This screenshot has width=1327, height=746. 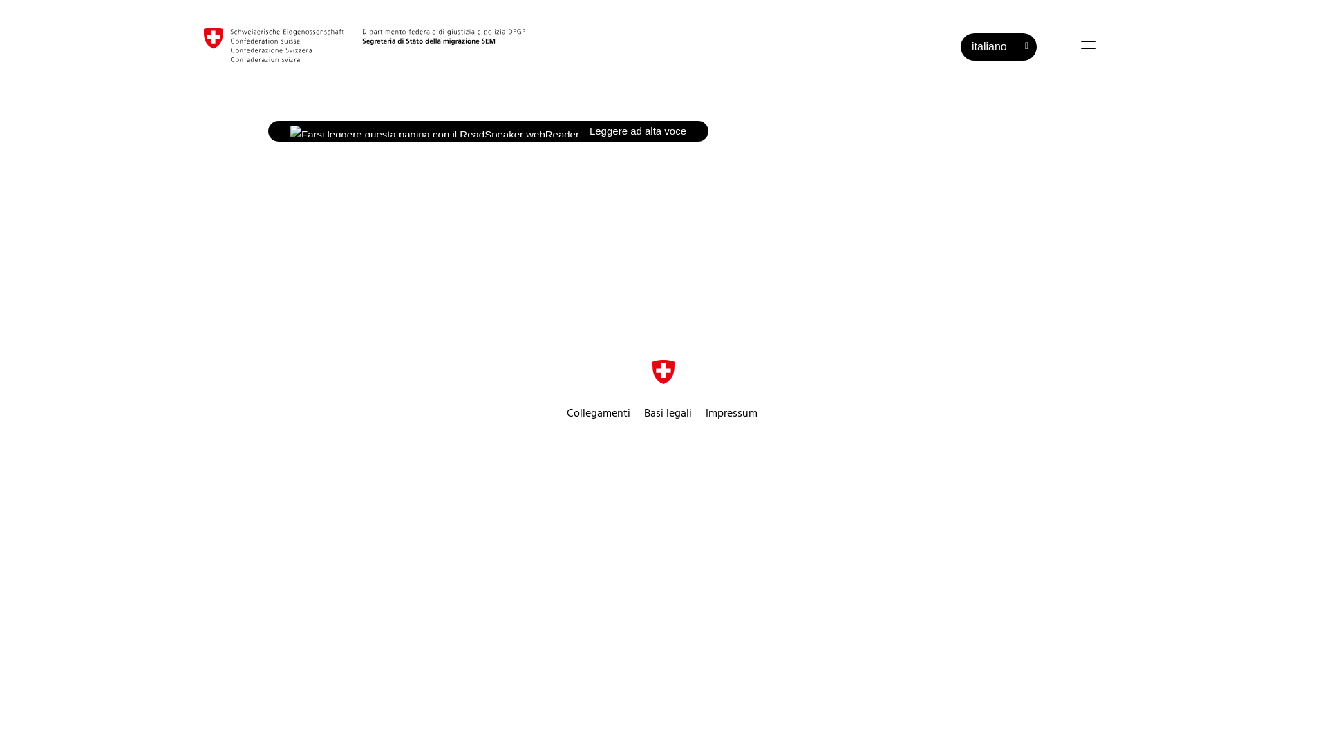 What do you see at coordinates (732, 412) in the screenshot?
I see `'Impressum '` at bounding box center [732, 412].